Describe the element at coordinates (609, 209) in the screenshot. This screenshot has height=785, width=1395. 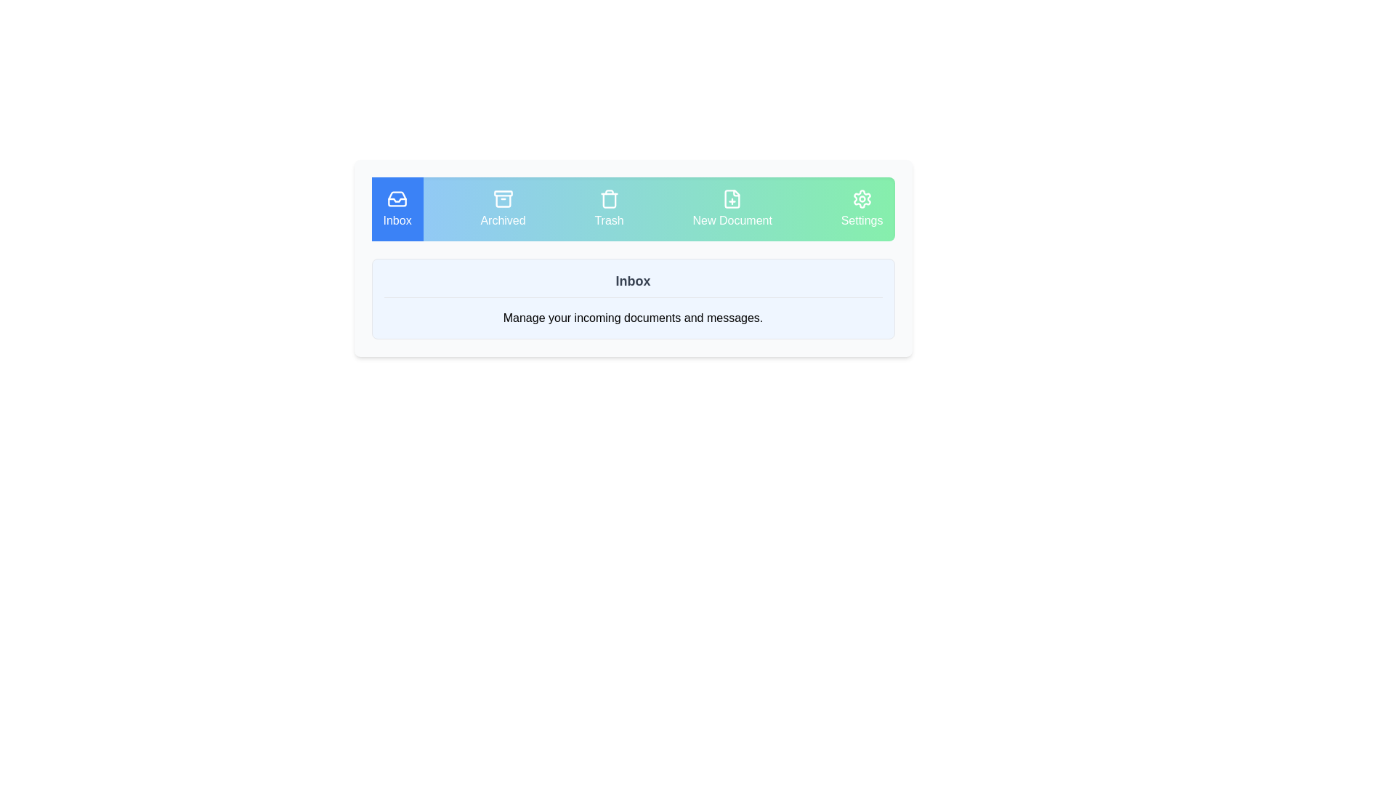
I see `the tab labeled Trash to observe its highlighted styling` at that location.